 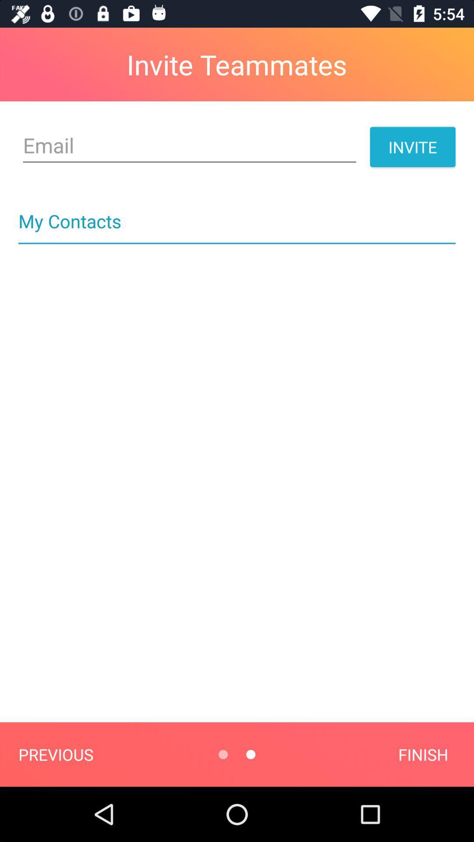 I want to click on my contacts icon, so click(x=237, y=212).